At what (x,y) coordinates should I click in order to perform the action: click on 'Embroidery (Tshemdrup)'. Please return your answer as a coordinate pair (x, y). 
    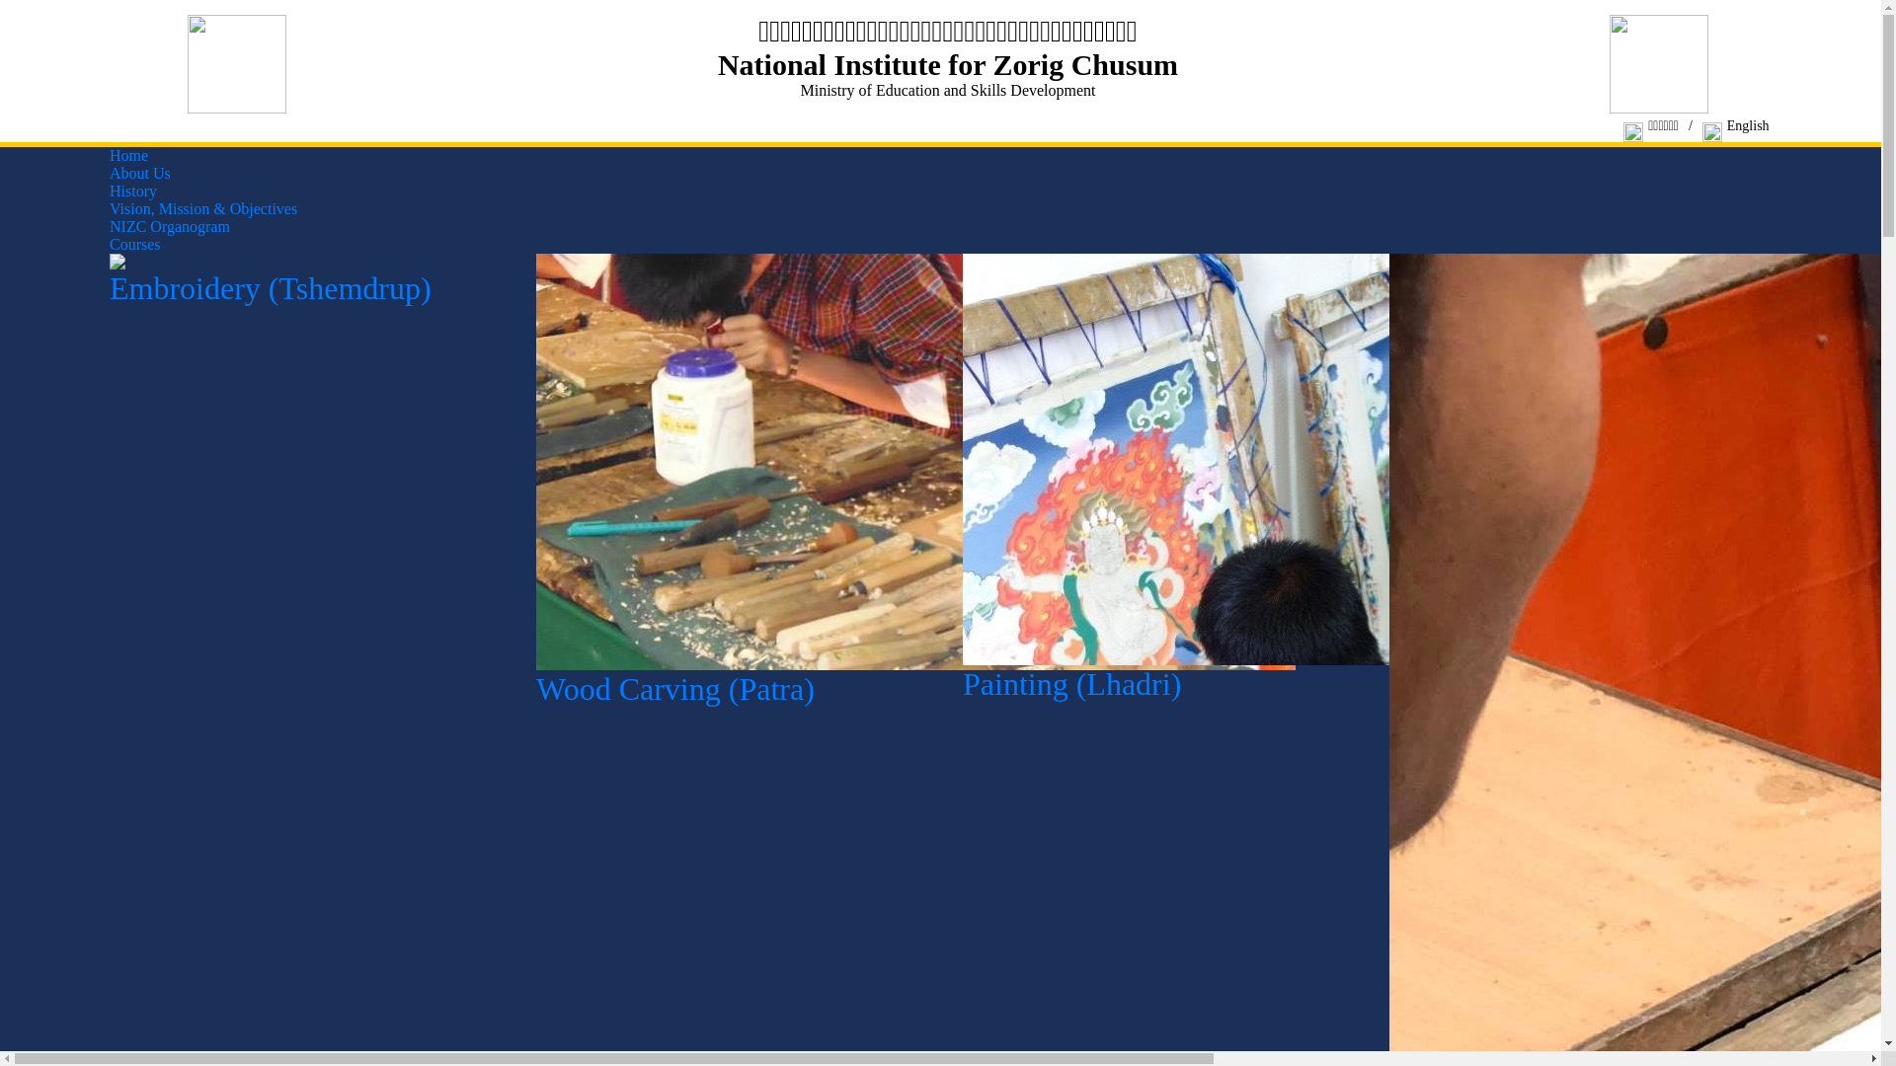
    Looking at the image, I should click on (307, 281).